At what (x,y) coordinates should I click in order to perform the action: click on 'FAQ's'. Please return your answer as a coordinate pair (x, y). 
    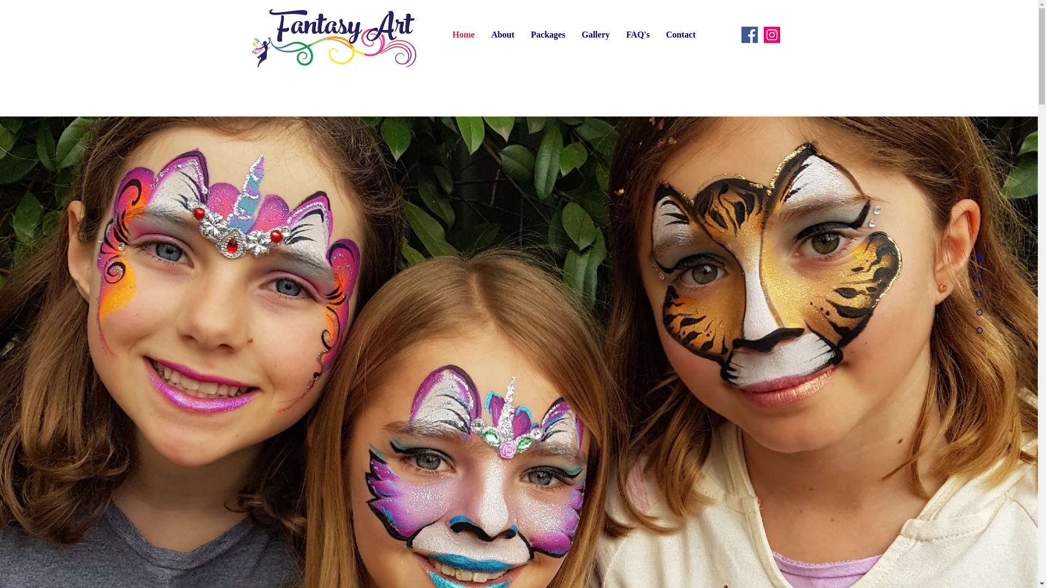
    Looking at the image, I should click on (637, 34).